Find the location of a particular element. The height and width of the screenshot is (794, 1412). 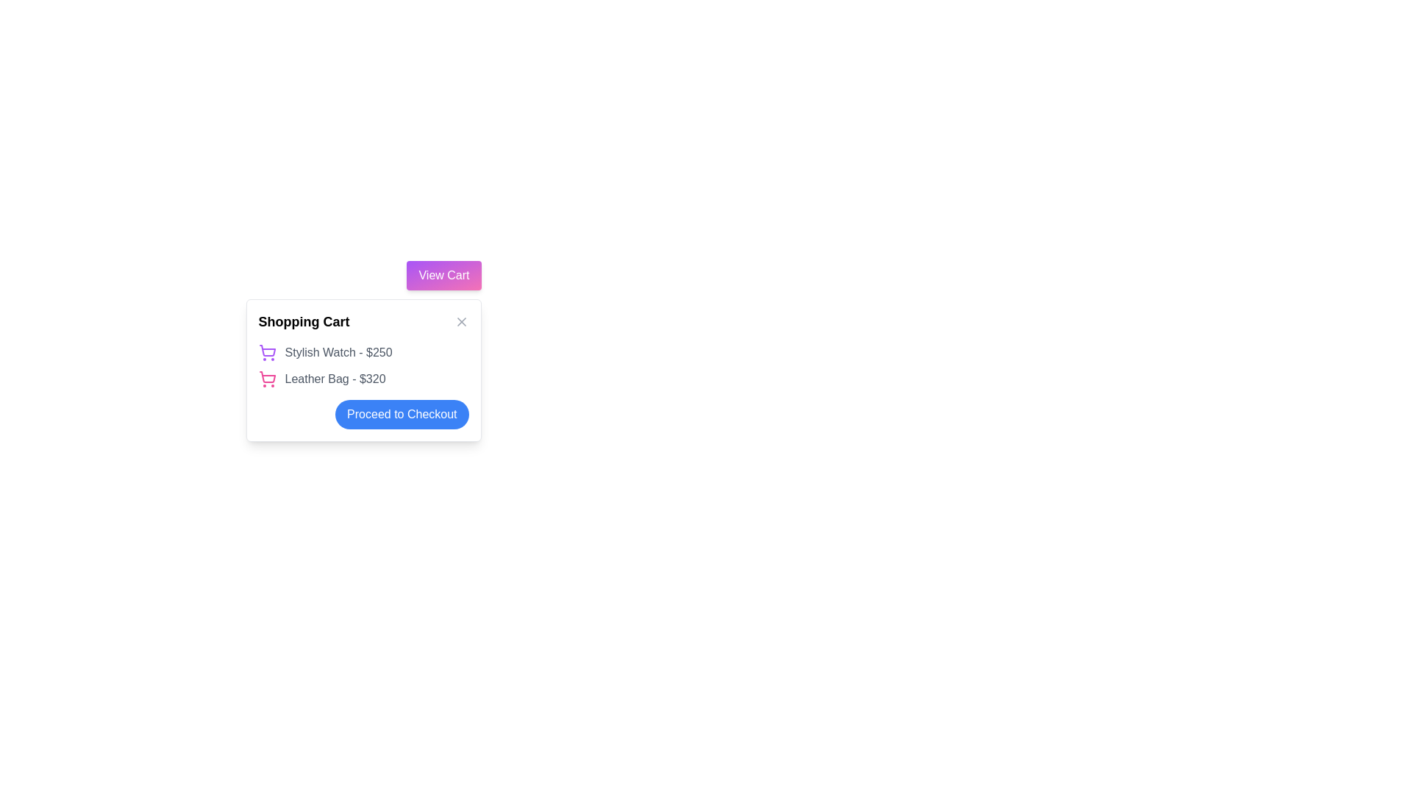

the button located in the top right corner of the shopping cart popup interface to visit the shopping cart is located at coordinates (443, 275).